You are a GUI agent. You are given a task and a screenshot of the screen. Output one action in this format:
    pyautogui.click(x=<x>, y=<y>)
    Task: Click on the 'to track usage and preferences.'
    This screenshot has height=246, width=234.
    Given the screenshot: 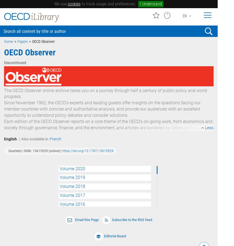 What is the action you would take?
    pyautogui.click(x=107, y=4)
    